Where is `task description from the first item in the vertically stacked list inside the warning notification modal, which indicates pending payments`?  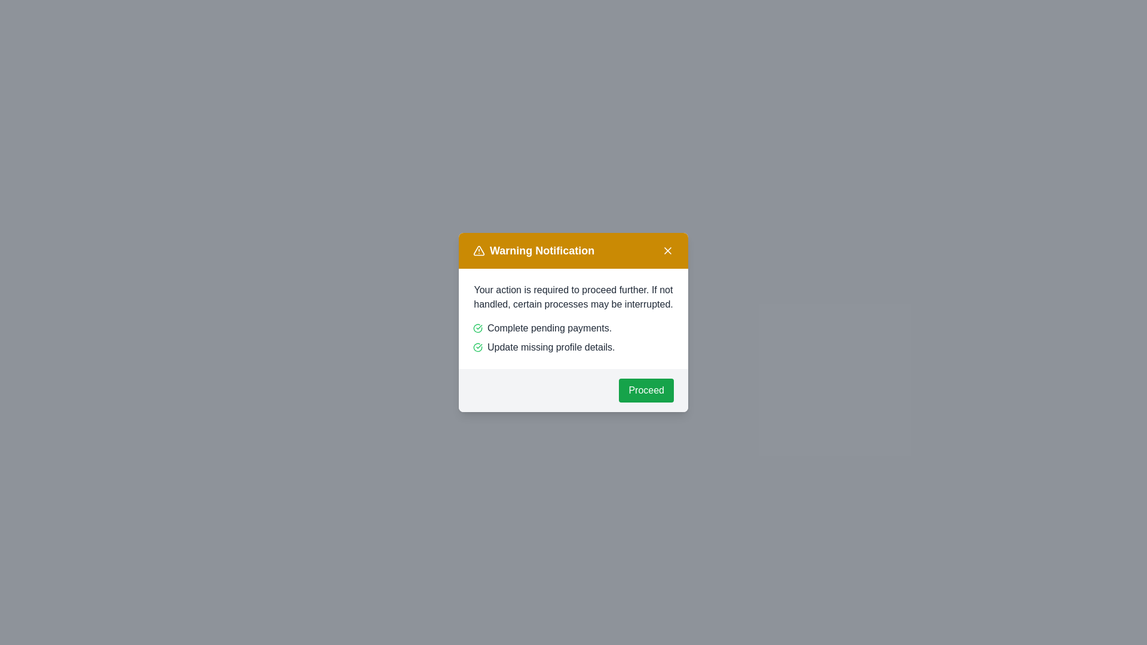 task description from the first item in the vertically stacked list inside the warning notification modal, which indicates pending payments is located at coordinates (573, 328).